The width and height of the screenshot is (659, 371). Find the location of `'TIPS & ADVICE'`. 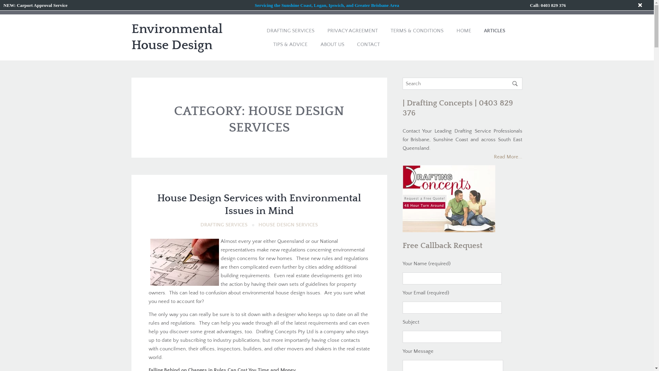

'TIPS & ADVICE' is located at coordinates (273, 44).